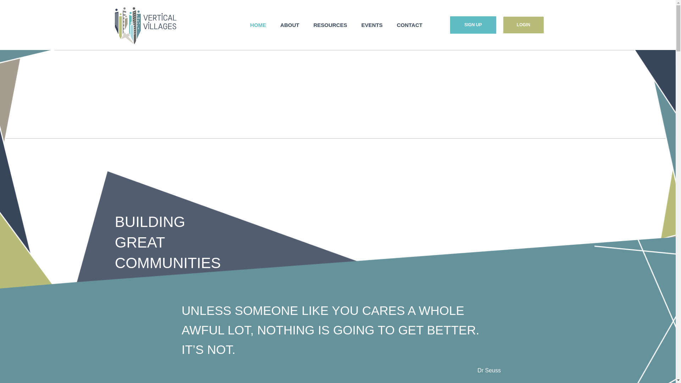  Describe the element at coordinates (258, 24) in the screenshot. I see `'HOME'` at that location.